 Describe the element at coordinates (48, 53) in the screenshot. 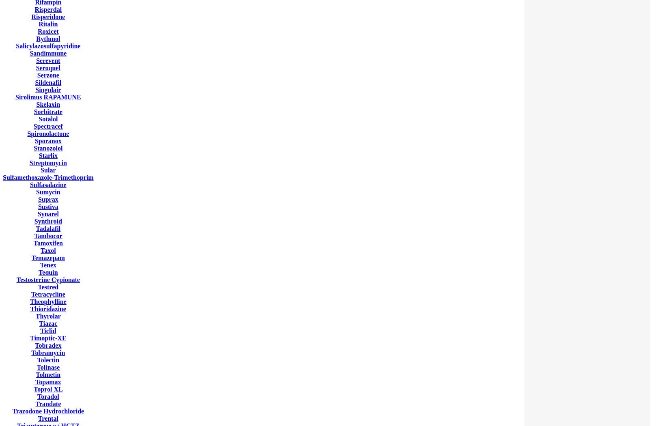

I see `'Sandimmune'` at that location.